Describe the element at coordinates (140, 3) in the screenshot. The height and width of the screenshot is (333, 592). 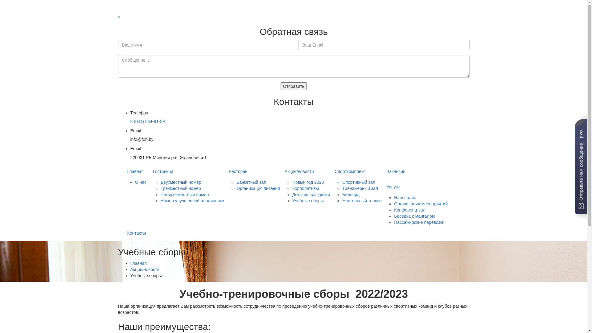
I see `'+375 (29) 118-58-00'` at that location.